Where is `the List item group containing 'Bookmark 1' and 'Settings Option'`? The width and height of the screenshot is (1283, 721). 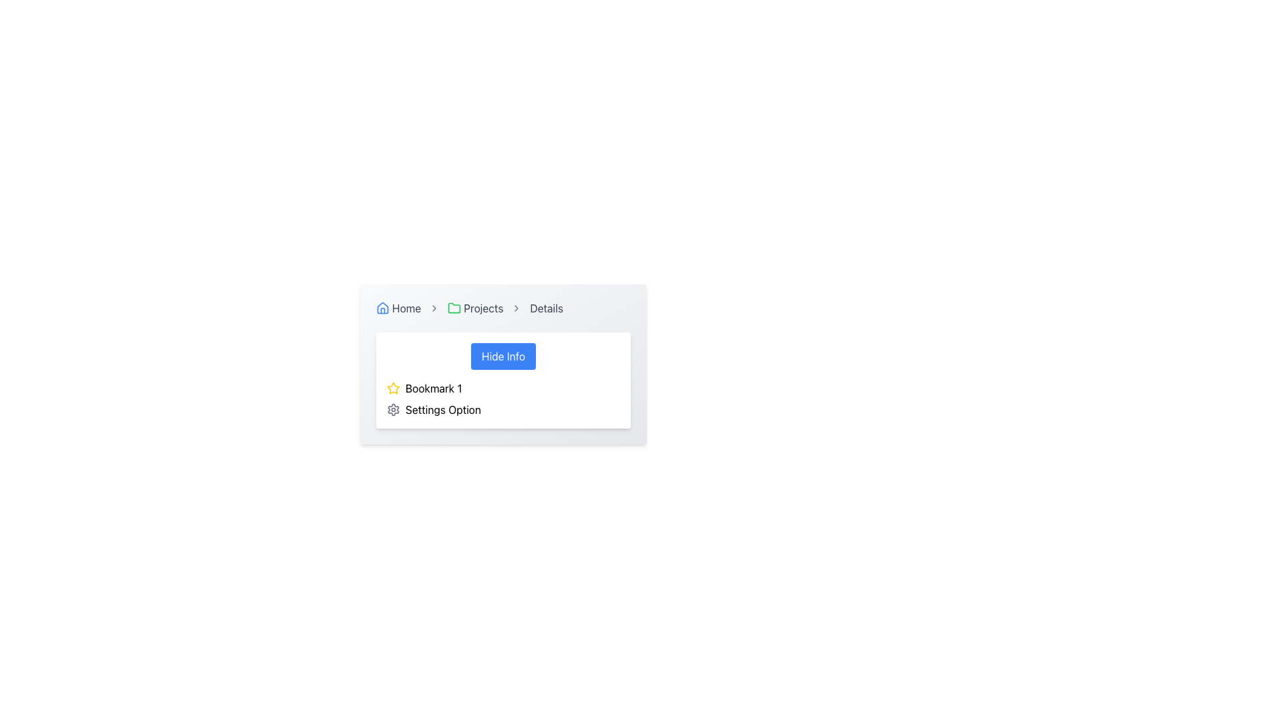
the List item group containing 'Bookmark 1' and 'Settings Option' is located at coordinates (503, 398).